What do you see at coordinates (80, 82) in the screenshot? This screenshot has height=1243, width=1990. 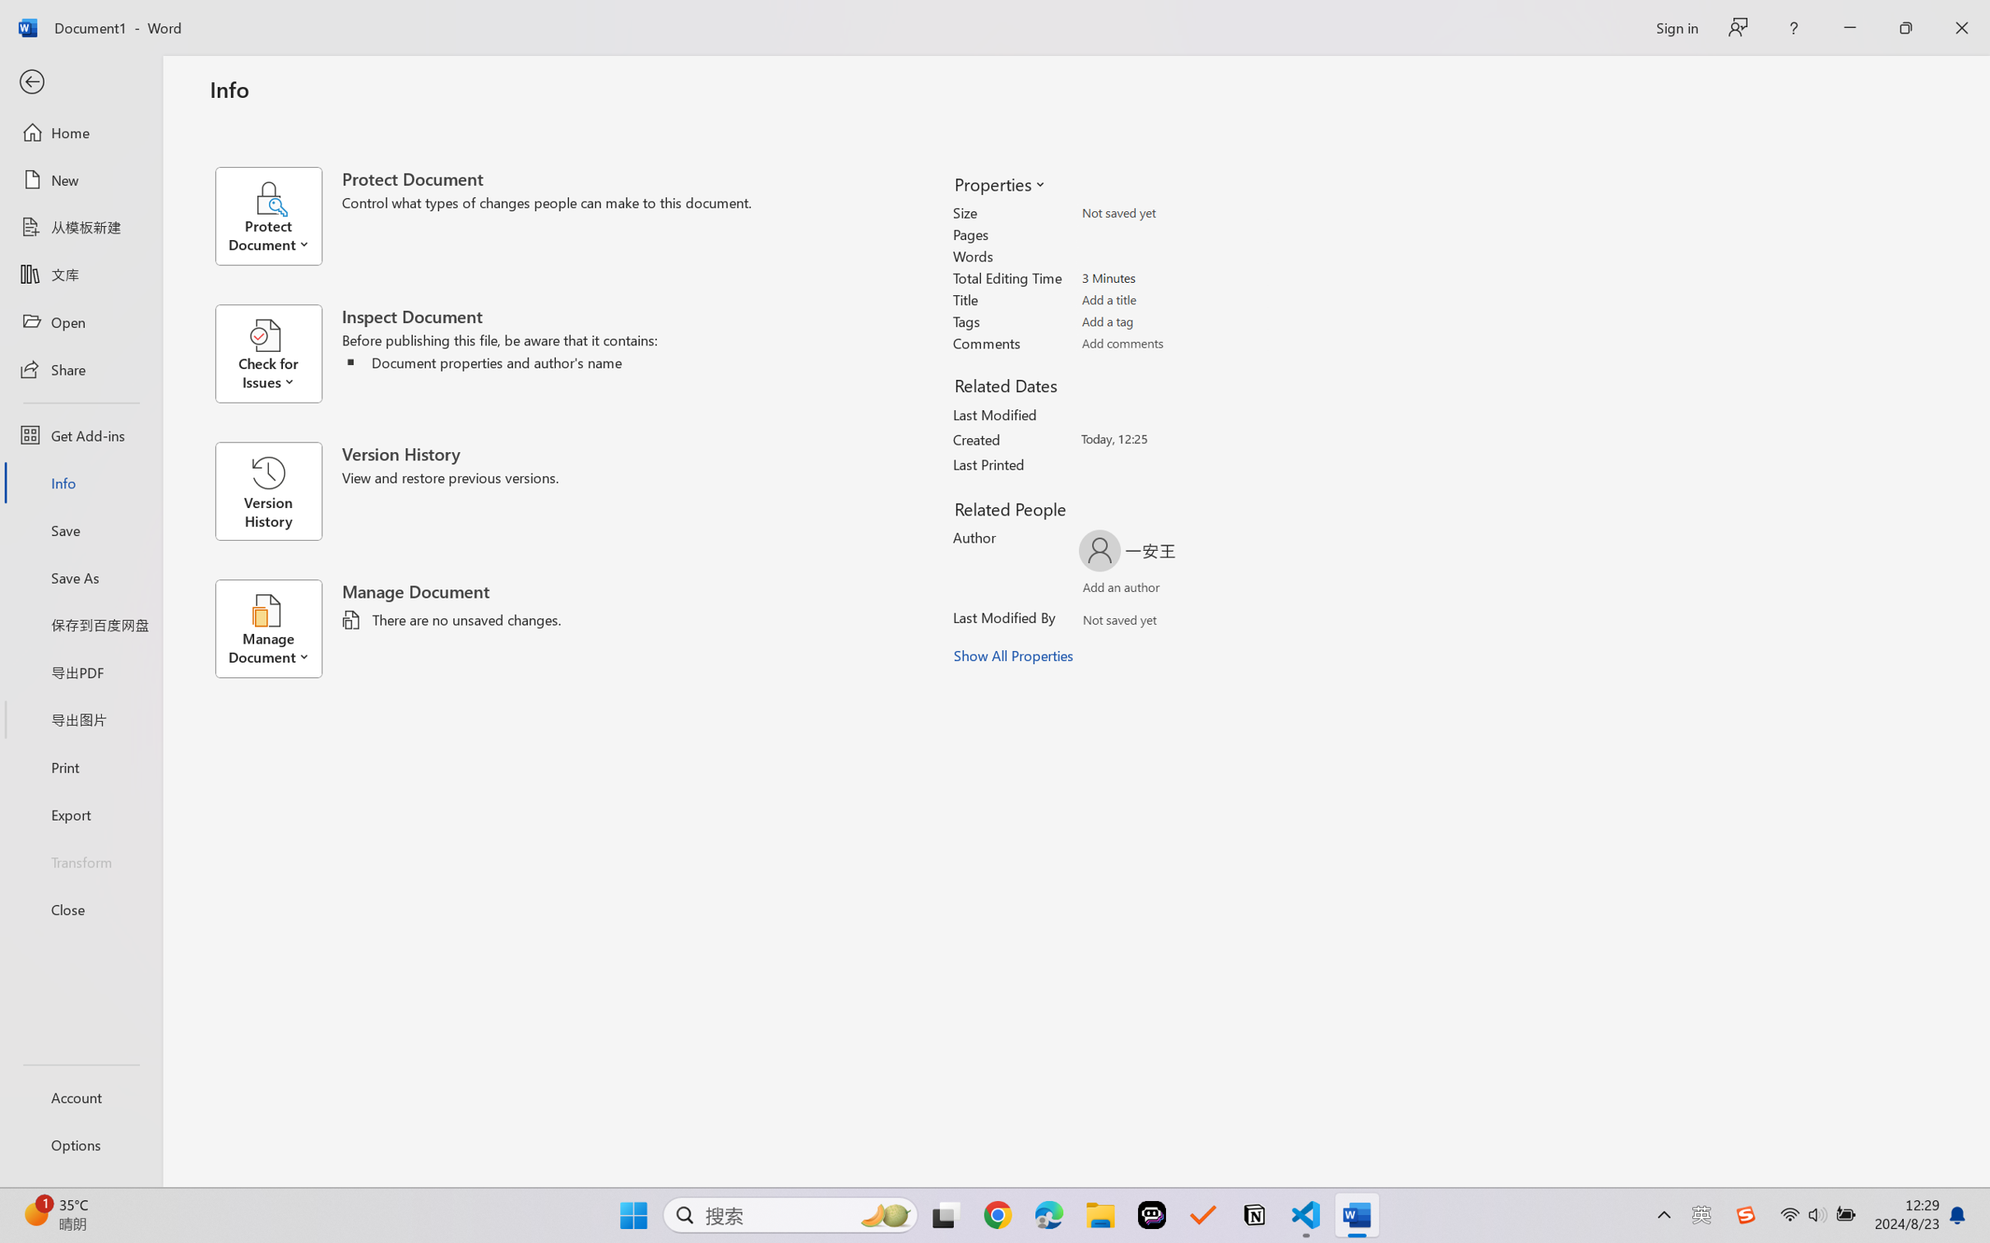 I see `'Back'` at bounding box center [80, 82].